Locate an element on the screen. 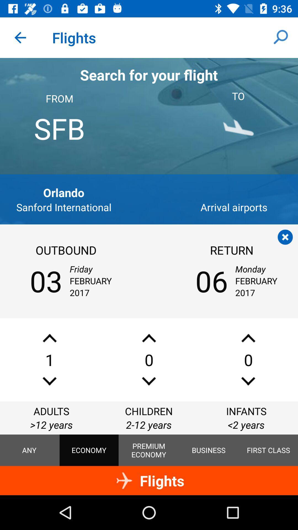 The height and width of the screenshot is (530, 298). icon below the 2-12 years icon is located at coordinates (148, 450).